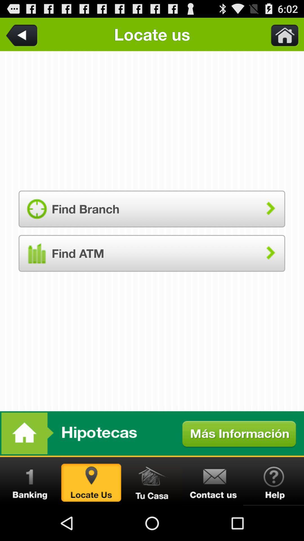 This screenshot has height=541, width=304. What do you see at coordinates (23, 36) in the screenshot?
I see `the arrow_backward icon` at bounding box center [23, 36].